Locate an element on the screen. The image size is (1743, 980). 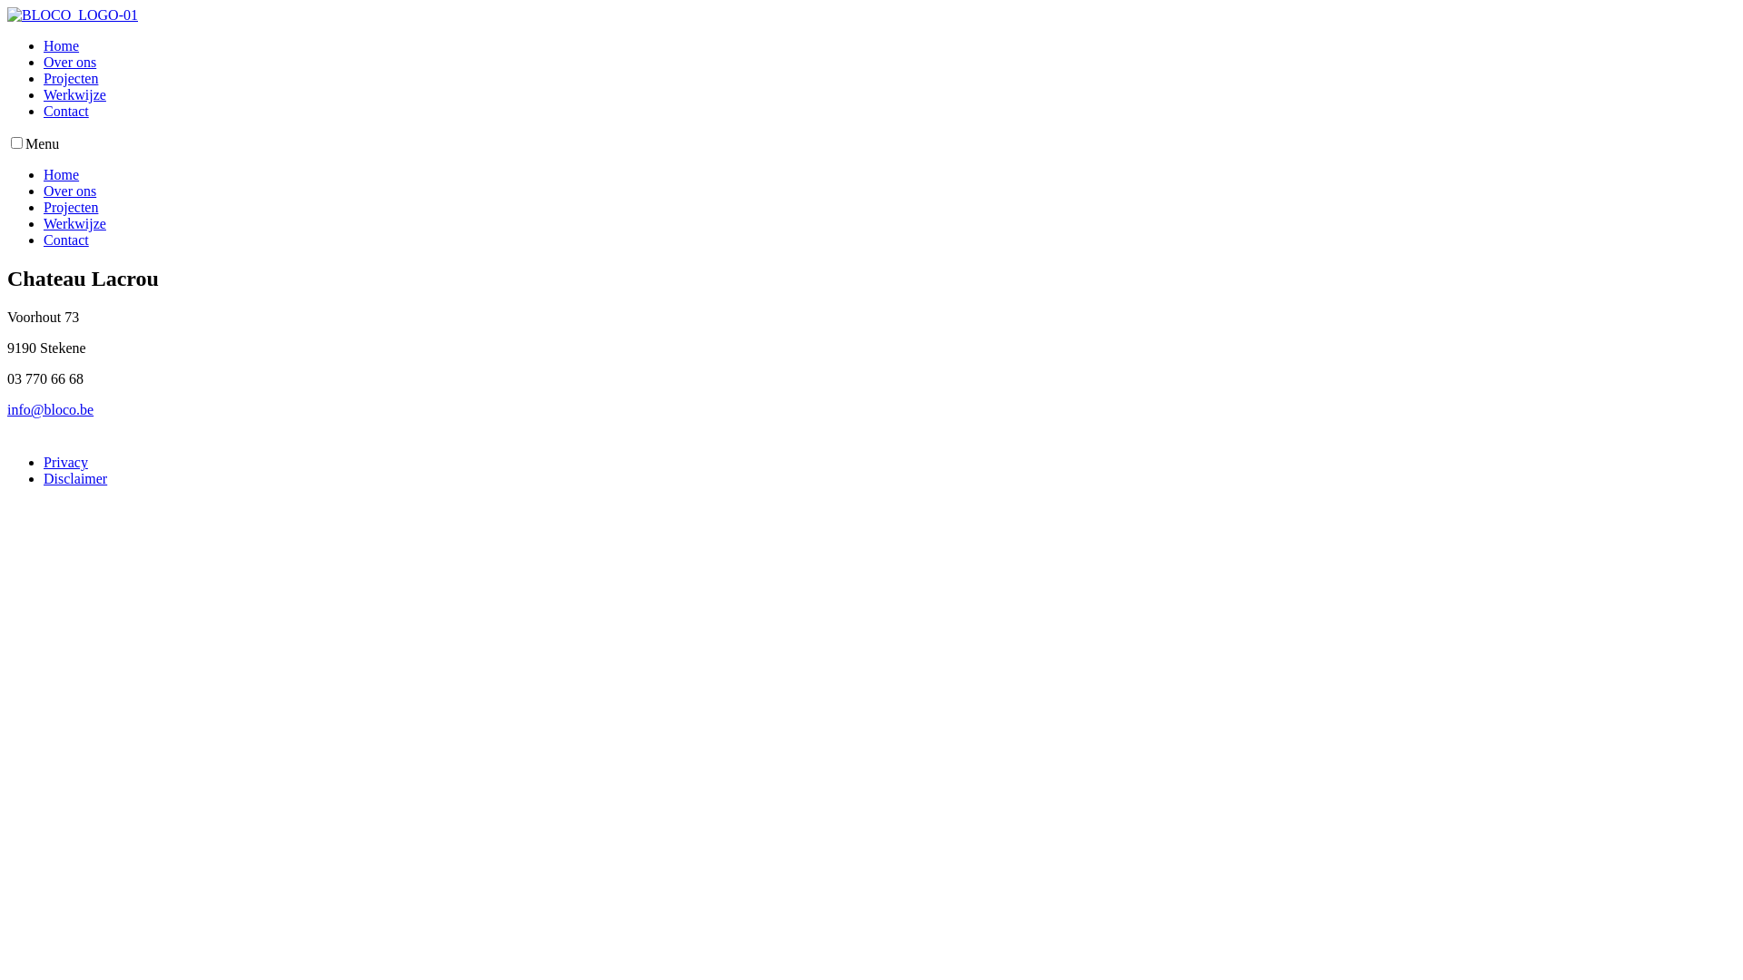
'Contact' is located at coordinates (44, 239).